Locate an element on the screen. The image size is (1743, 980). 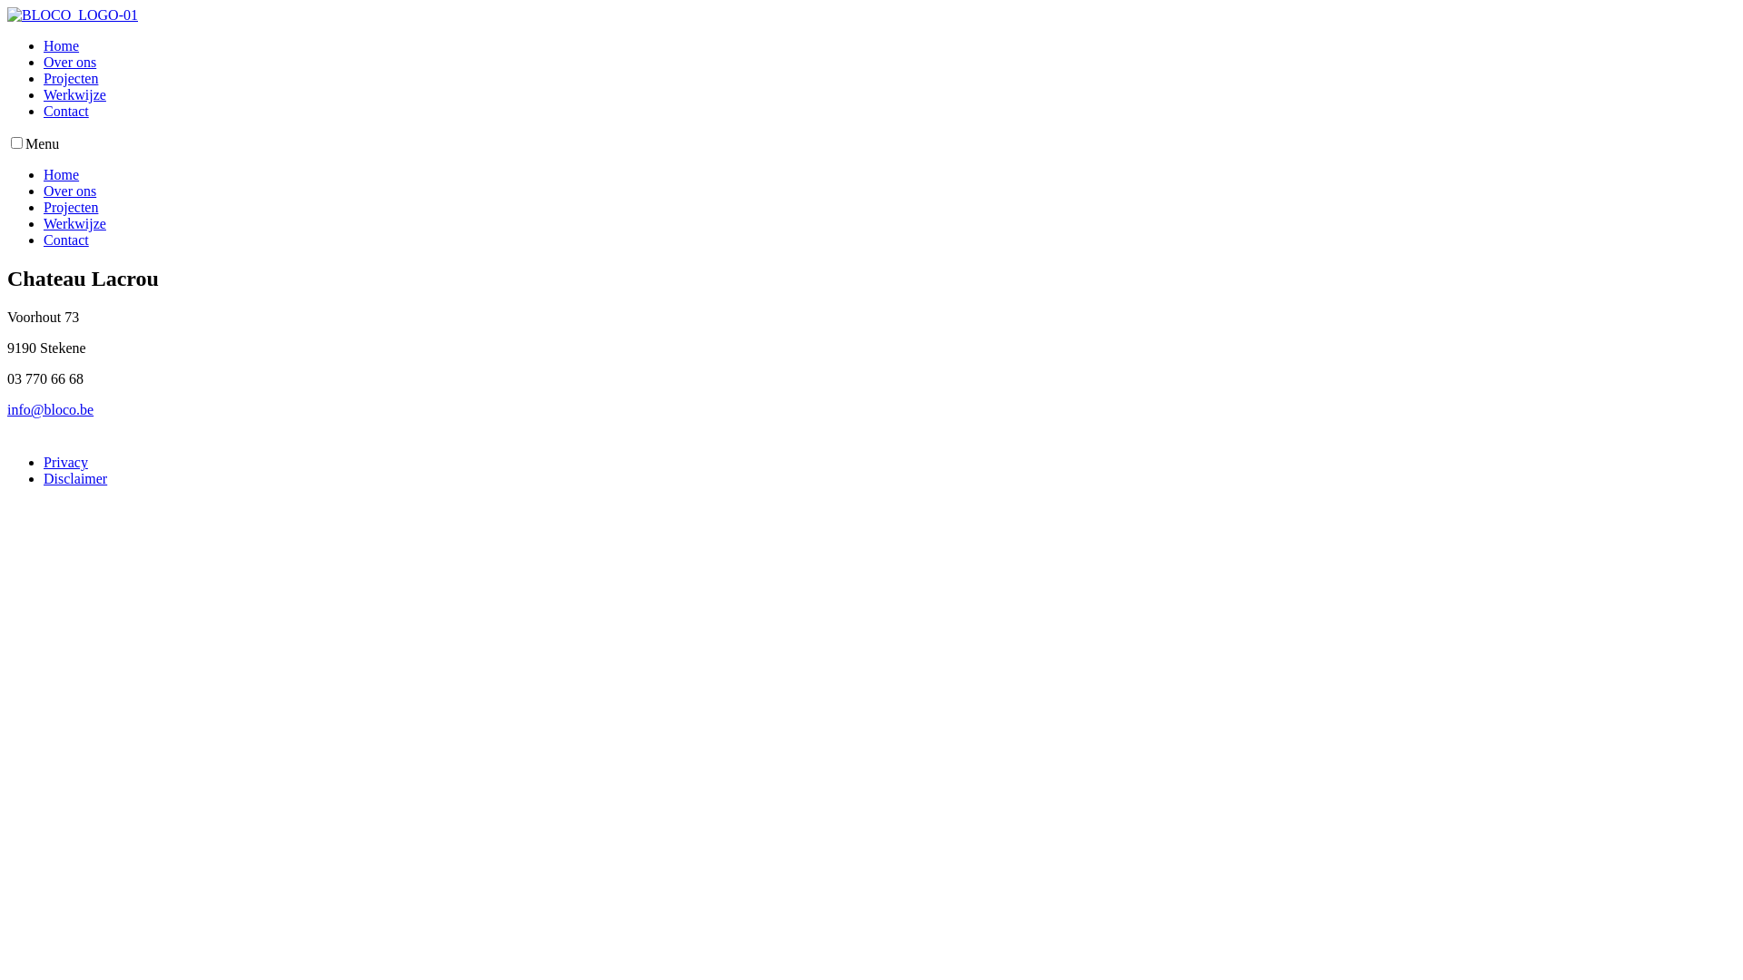
'Contact' is located at coordinates (44, 239).